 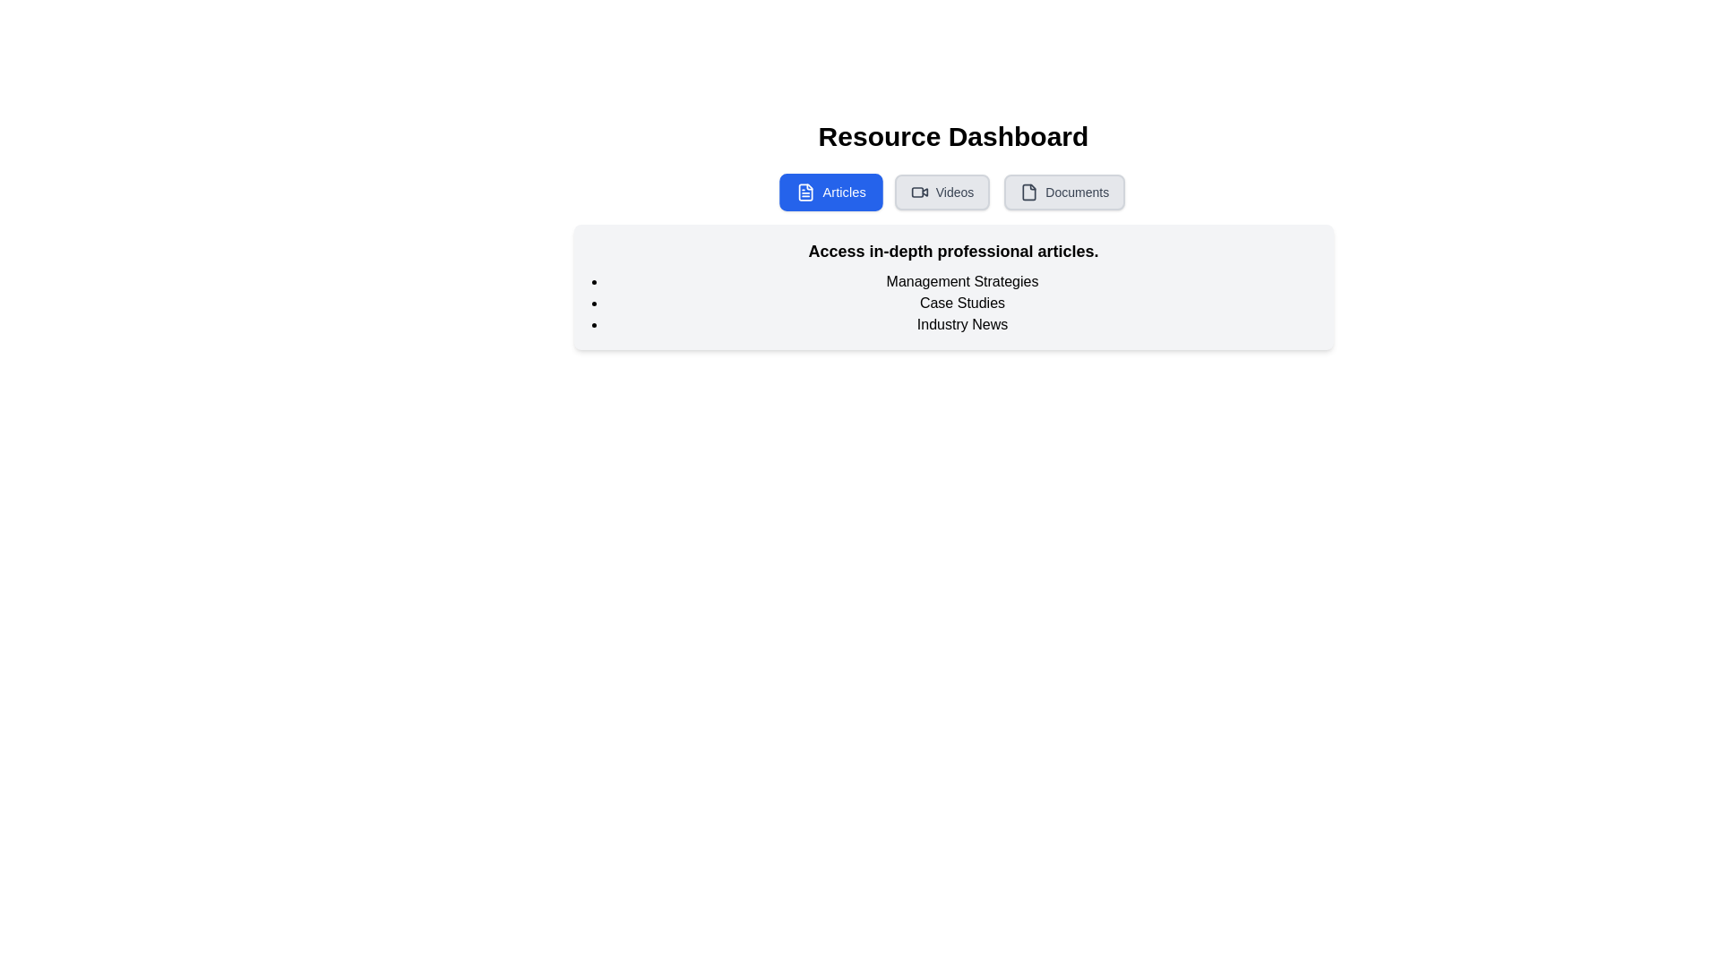 I want to click on the 'Documents' button tab, which has a rounded border, gray background, and an icon of a document followed by the label 'Documents', so click(x=1064, y=193).